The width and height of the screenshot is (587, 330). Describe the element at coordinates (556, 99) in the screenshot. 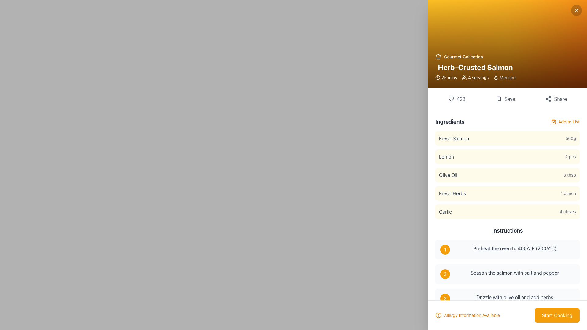

I see `the 'Share' button, which features a three-node graph icon and is styled in subtle gray, located at the top-right section of the interface beneath the recipe title area` at that location.